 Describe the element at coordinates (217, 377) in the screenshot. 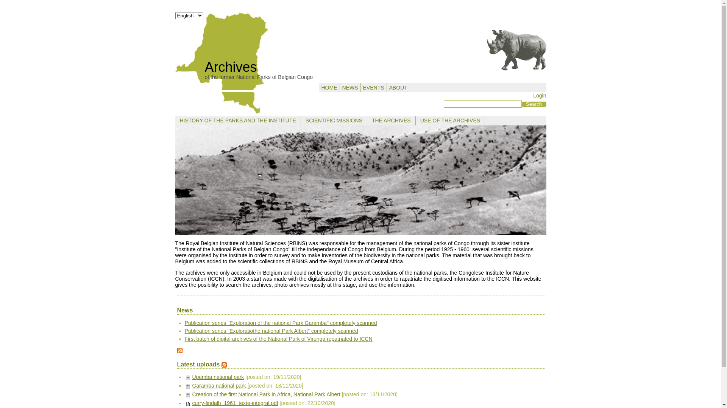

I see `'Upemba national park'` at that location.